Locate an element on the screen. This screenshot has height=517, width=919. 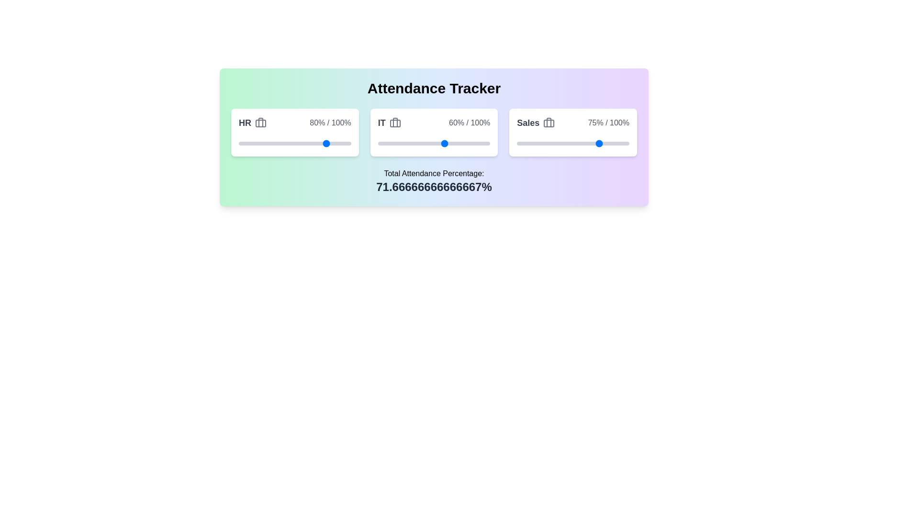
the IT attendance slider is located at coordinates (452, 144).